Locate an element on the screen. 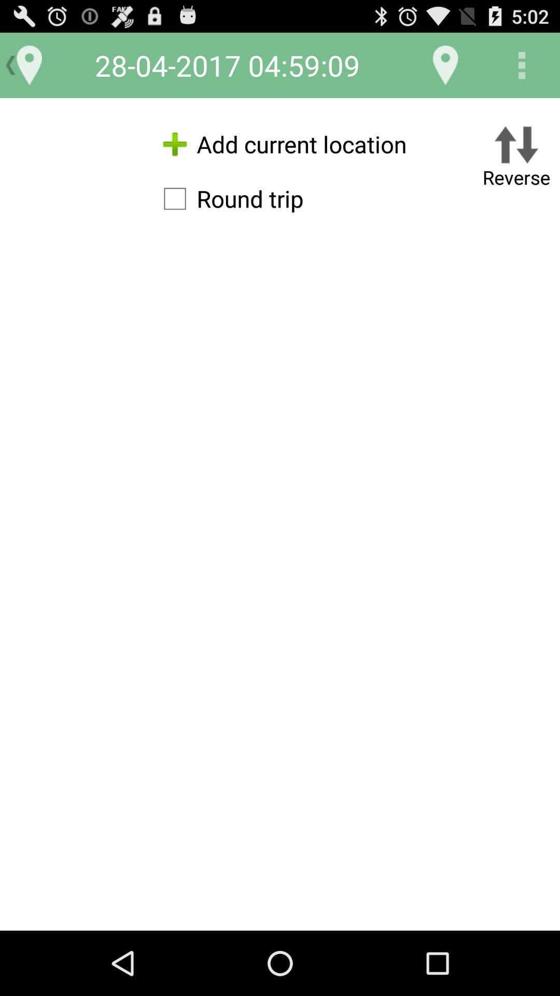 The width and height of the screenshot is (560, 996). the item to the left of the reverse button is located at coordinates (228, 199).